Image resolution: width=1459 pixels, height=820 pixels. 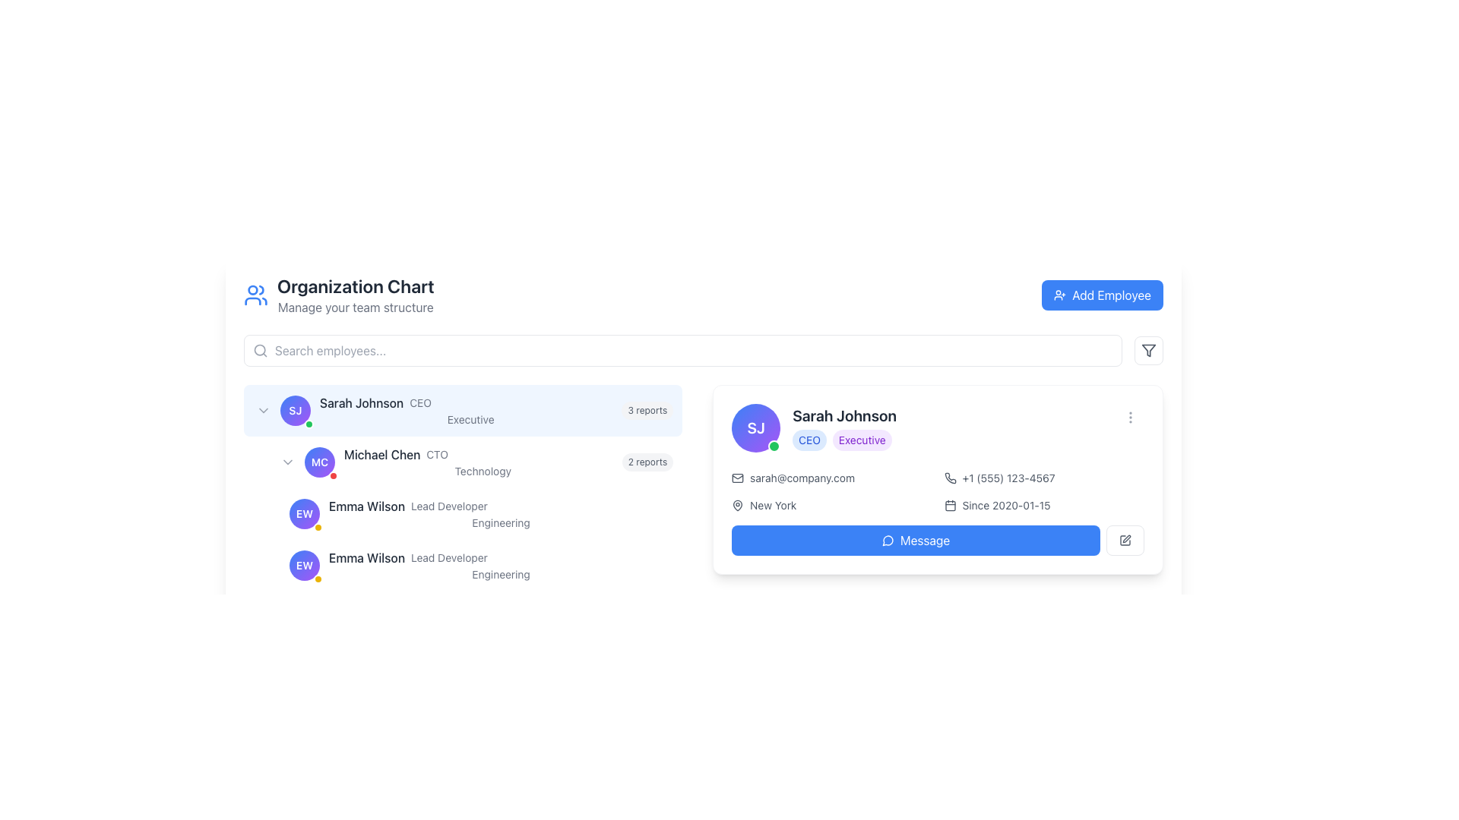 What do you see at coordinates (888, 540) in the screenshot?
I see `the 'Message' button which contains the decorative graphical icon for sending messages, located in the bottom section of the user profile card` at bounding box center [888, 540].